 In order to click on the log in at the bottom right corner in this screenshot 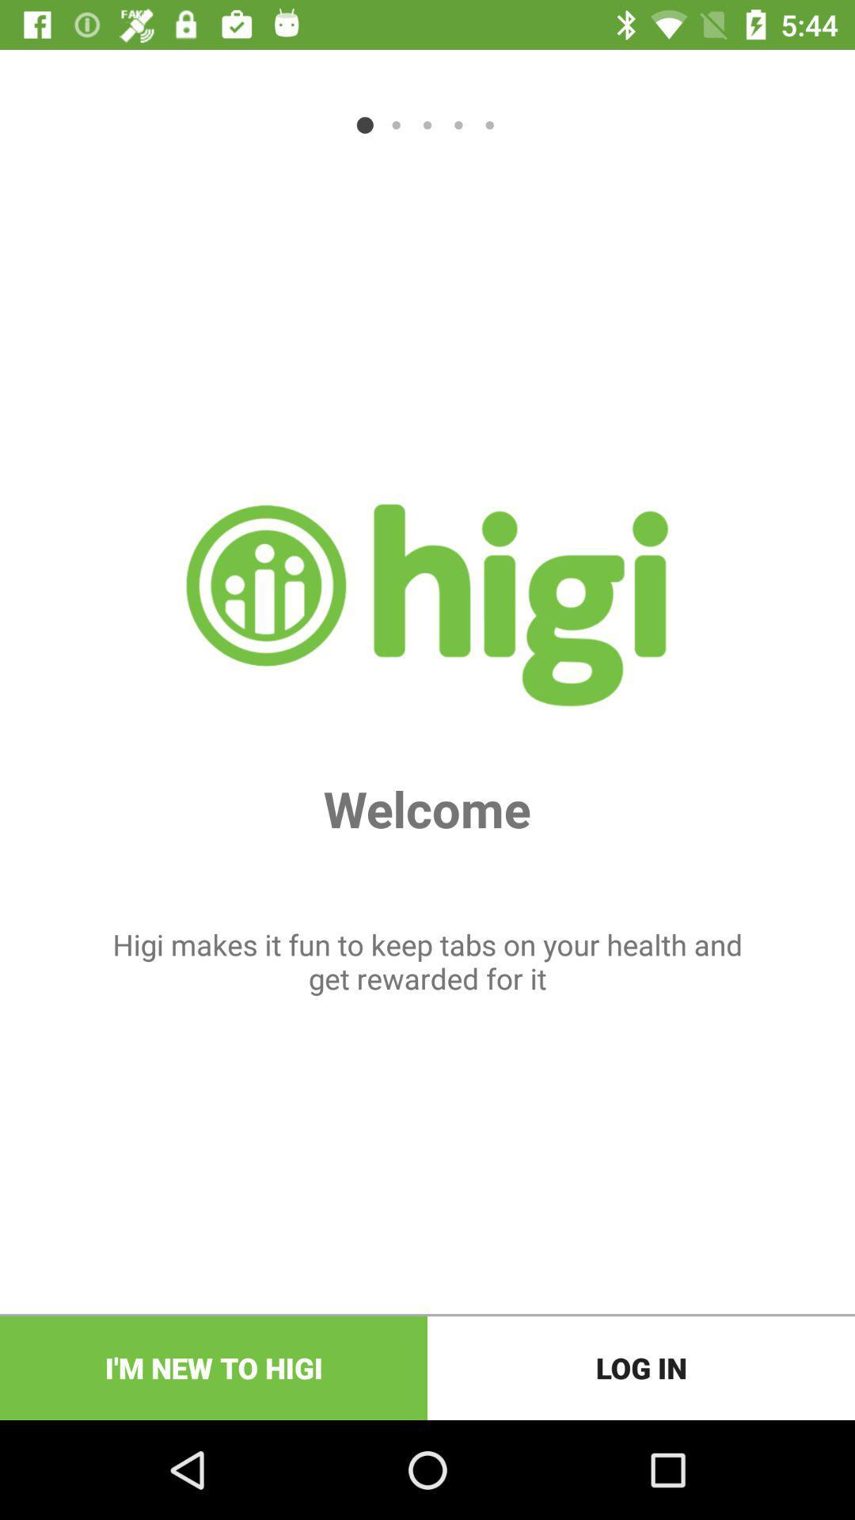, I will do `click(641, 1367)`.